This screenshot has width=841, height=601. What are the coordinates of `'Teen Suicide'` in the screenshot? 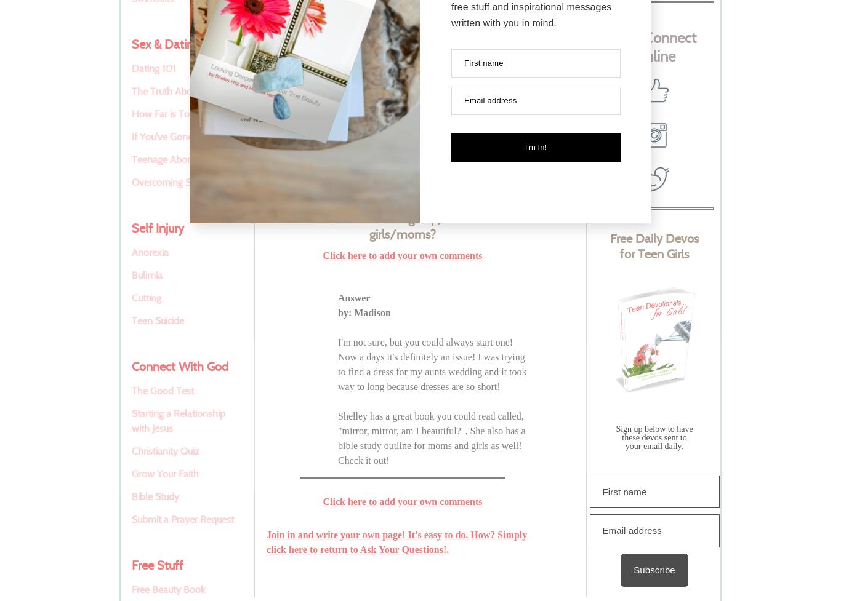 It's located at (131, 320).